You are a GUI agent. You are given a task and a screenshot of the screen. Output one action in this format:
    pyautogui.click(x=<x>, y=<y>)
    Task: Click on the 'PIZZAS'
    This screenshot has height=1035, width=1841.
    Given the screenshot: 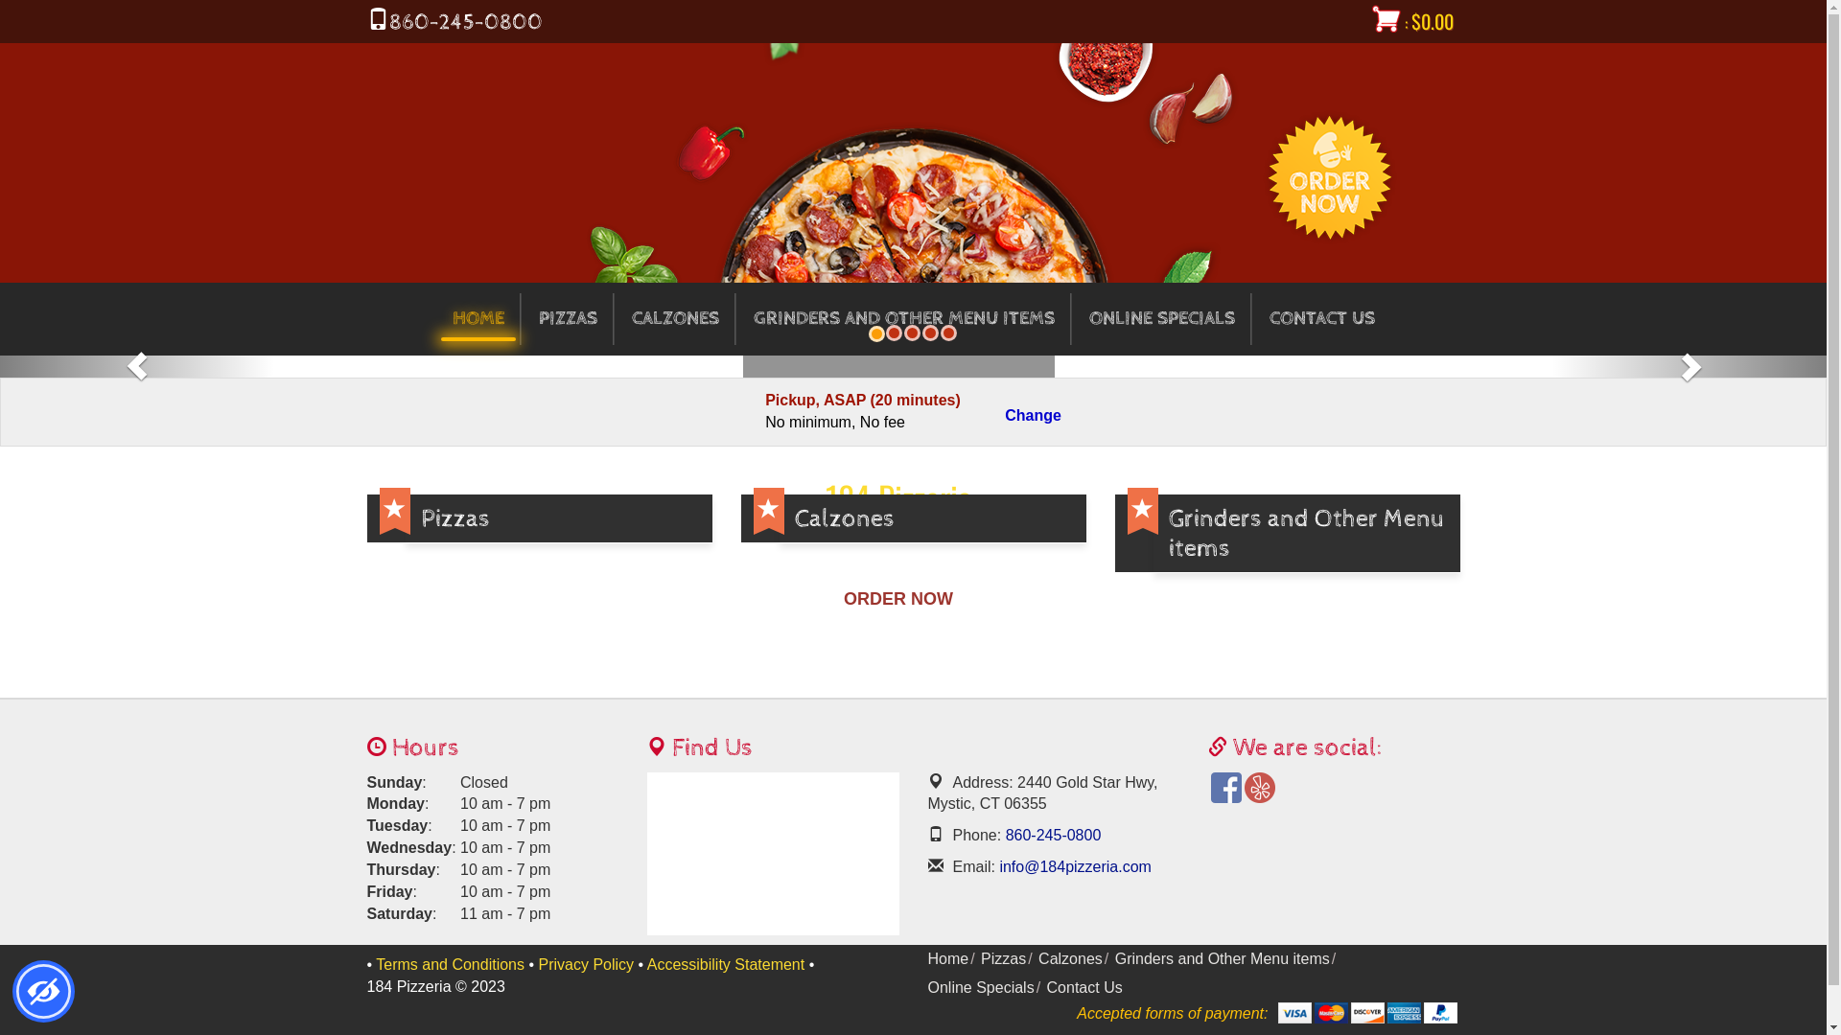 What is the action you would take?
    pyautogui.click(x=567, y=317)
    